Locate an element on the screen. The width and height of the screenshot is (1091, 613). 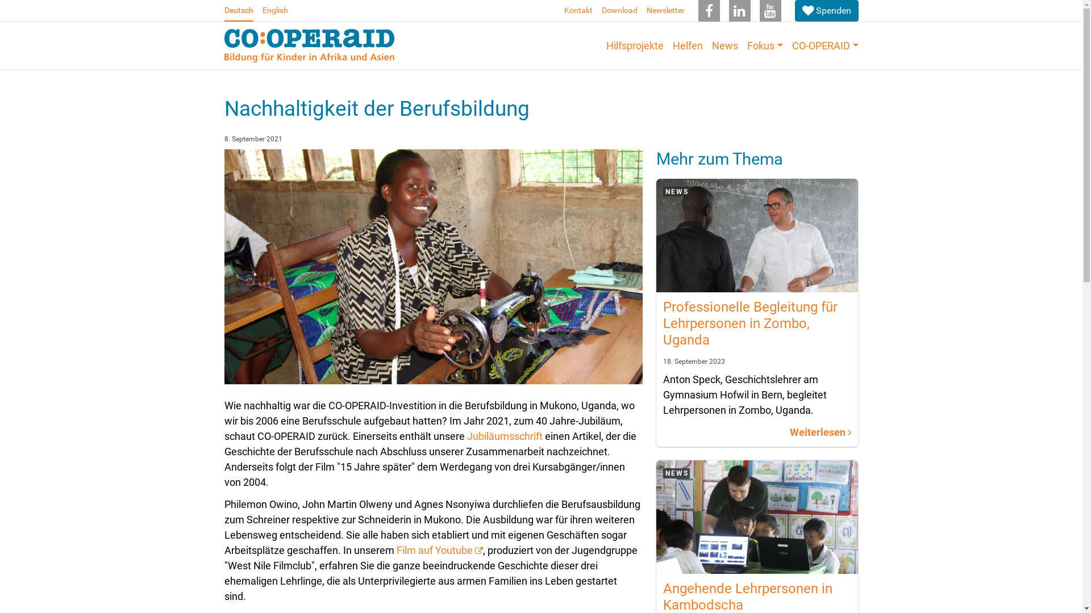
'Download' is located at coordinates (618, 11).